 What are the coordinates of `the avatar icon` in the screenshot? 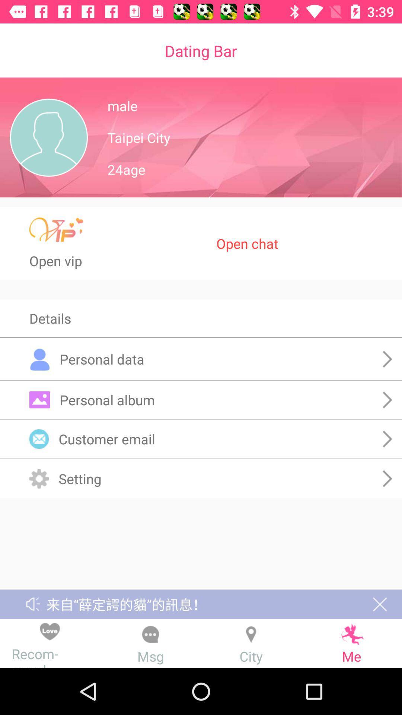 It's located at (49, 137).